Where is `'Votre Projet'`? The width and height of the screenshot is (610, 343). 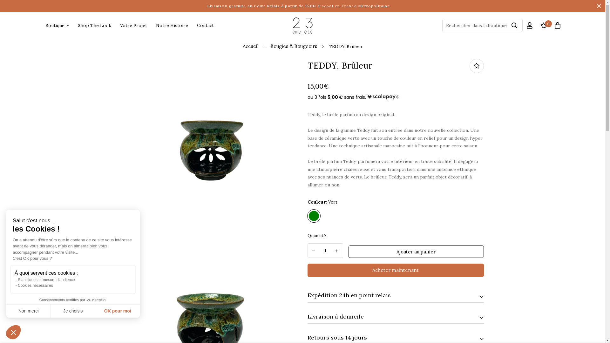
'Votre Projet' is located at coordinates (133, 25).